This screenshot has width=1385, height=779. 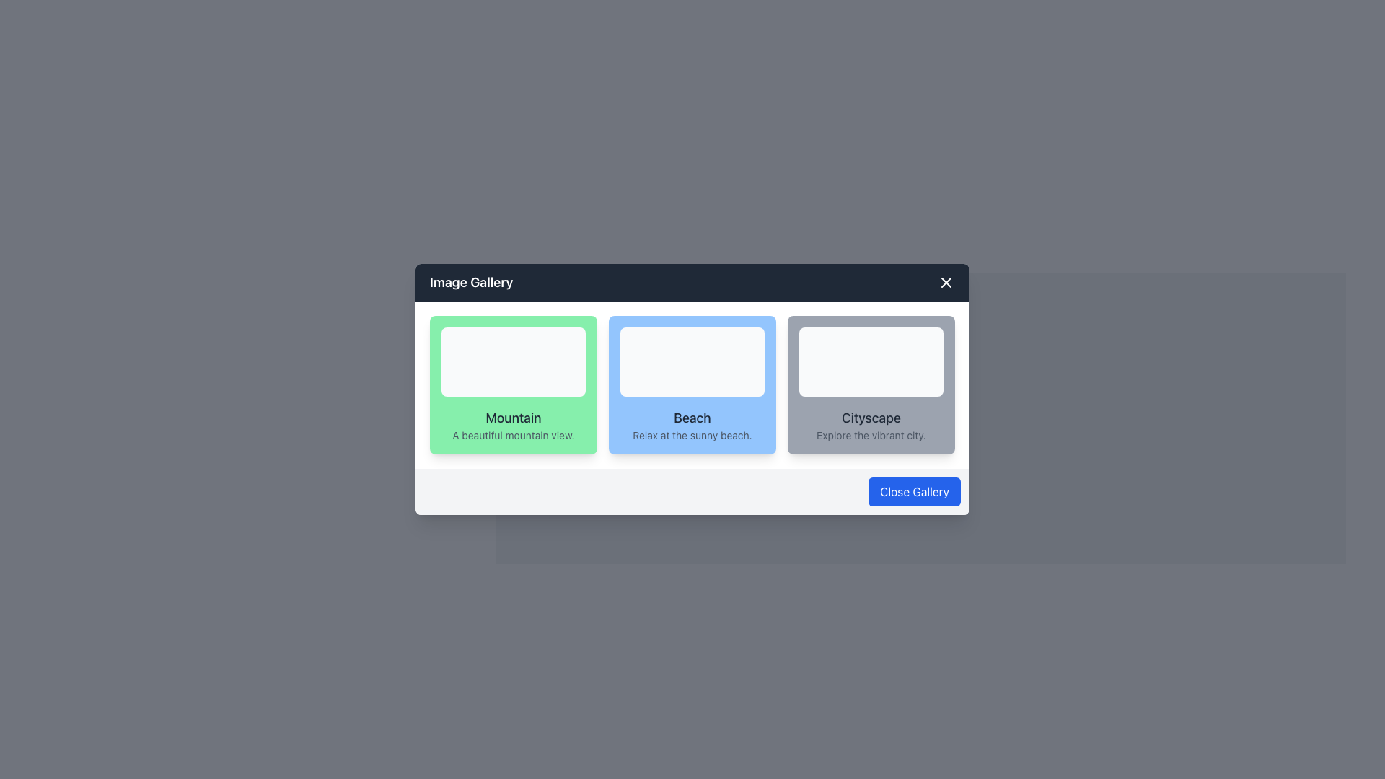 I want to click on title and description of the 'Beach' themed card, which is the second card in a row of three horizontally aligned cards in the 'Image Gallery.', so click(x=692, y=384).